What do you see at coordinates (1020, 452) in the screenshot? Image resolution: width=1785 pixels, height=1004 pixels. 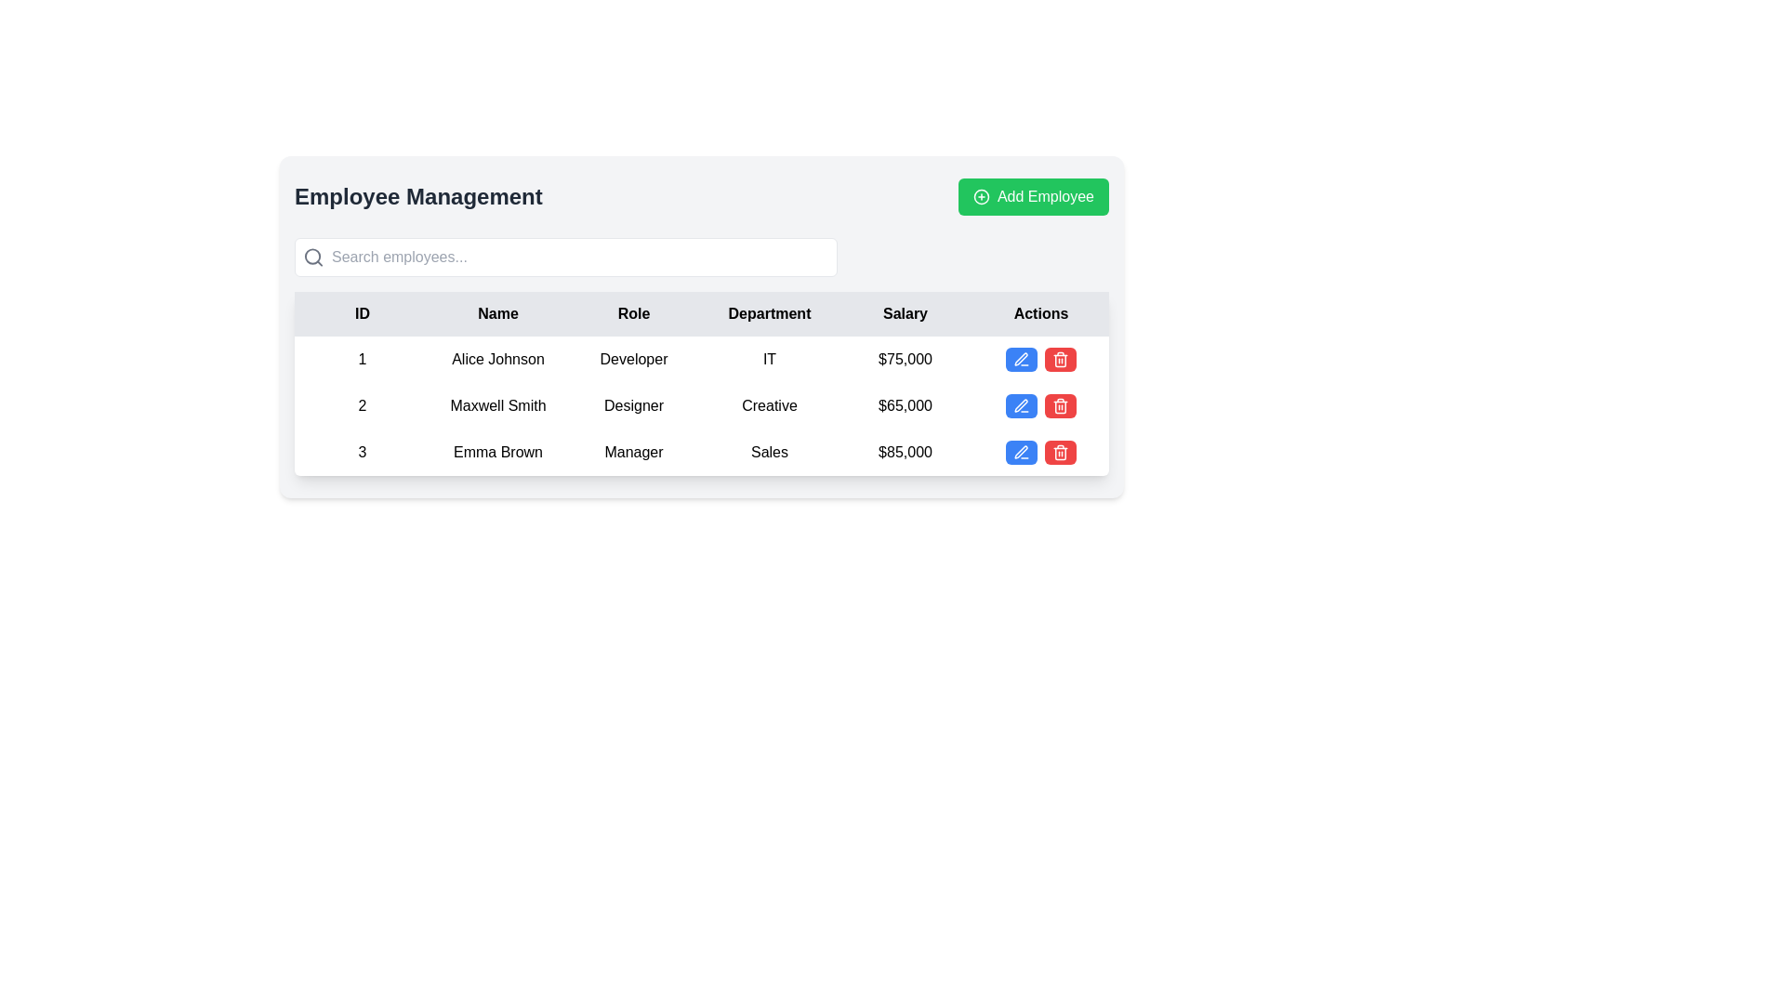 I see `the edit icon in the 'Actions' column of the third row in the employee management table to invoke editing` at bounding box center [1020, 452].